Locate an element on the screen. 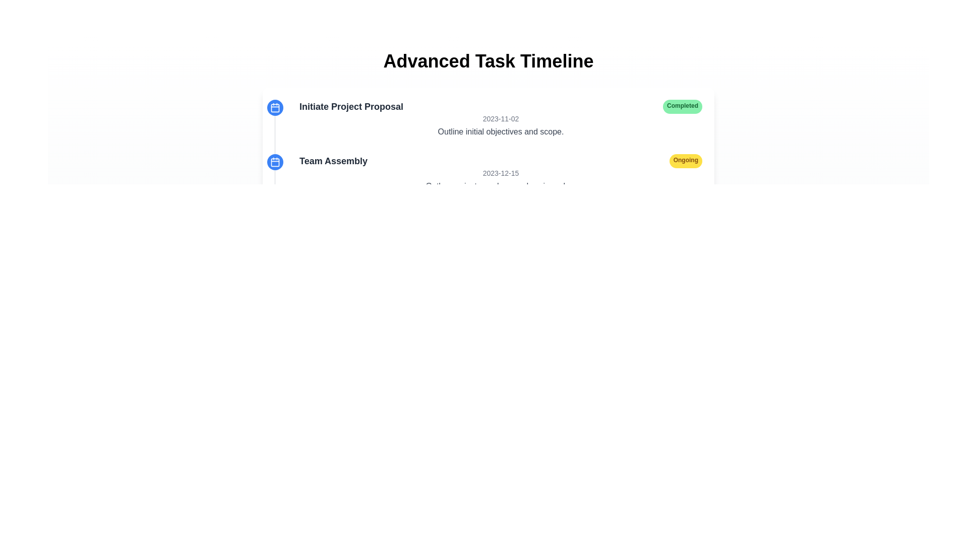 The image size is (968, 544). the date marker text label indicating the timeline date associated with the 'Team Assembly' task is located at coordinates (501, 172).